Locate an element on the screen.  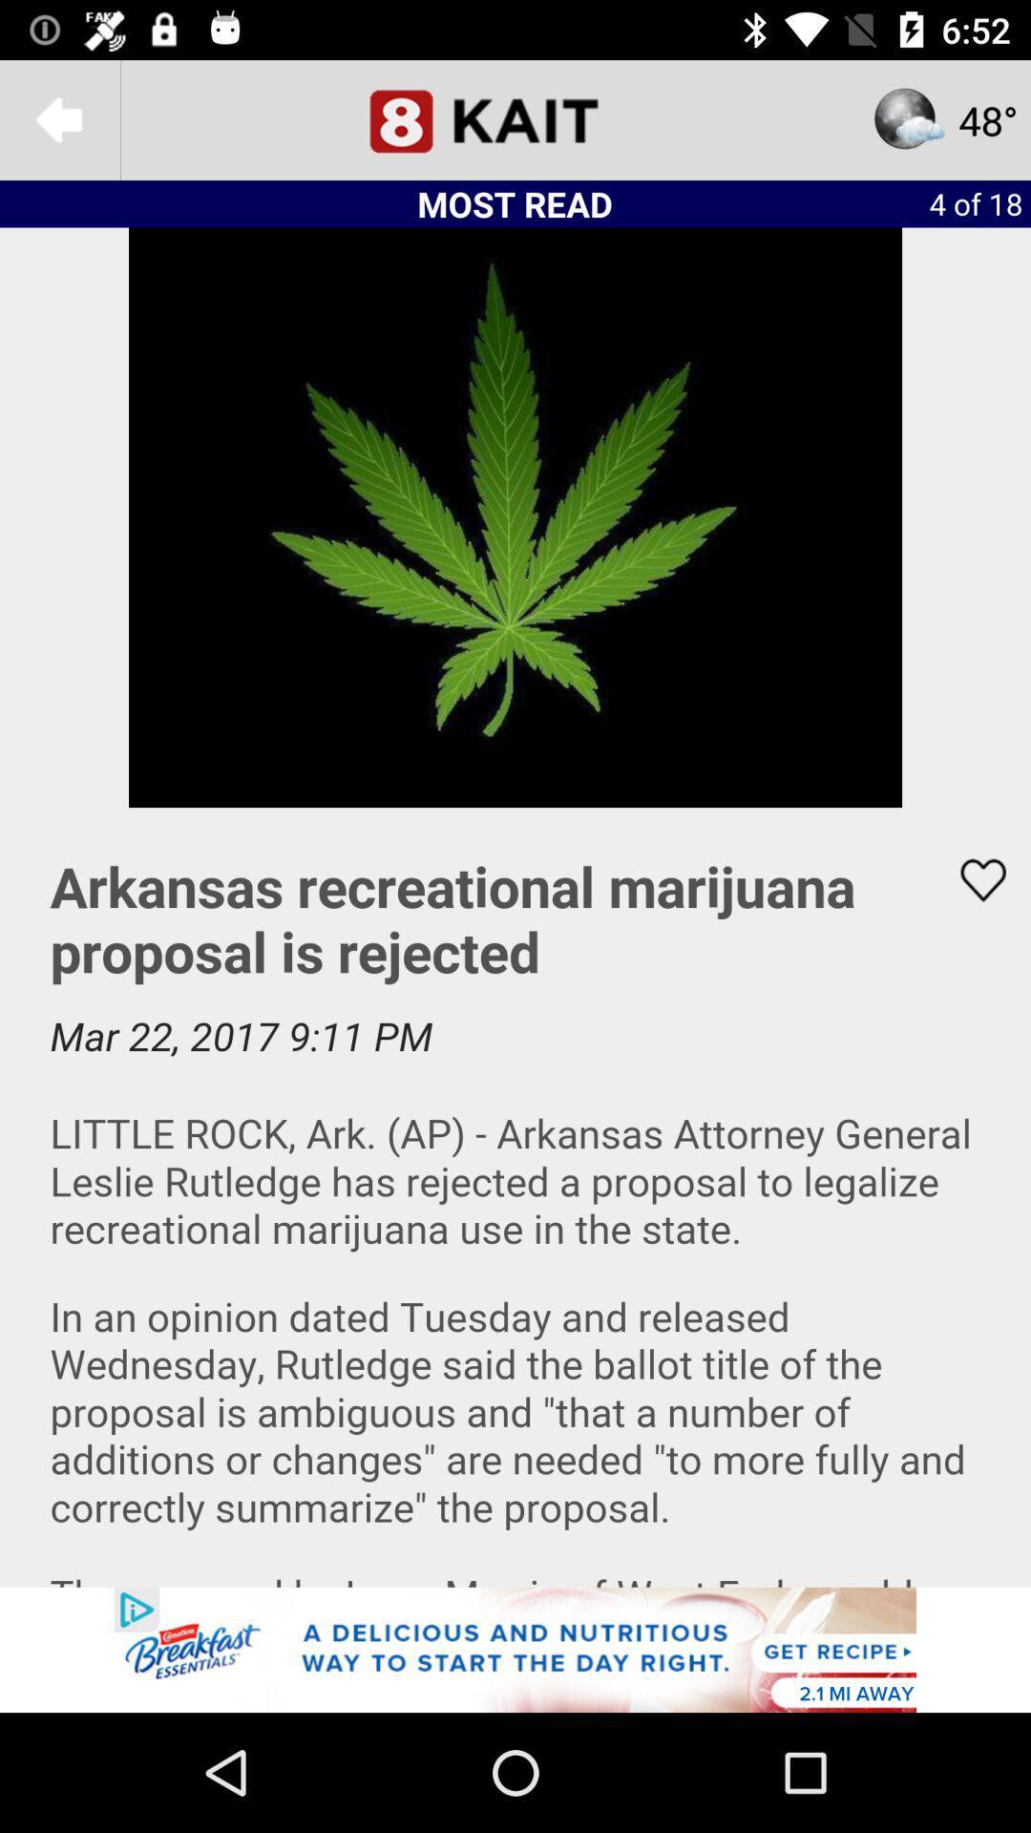
open advertisement is located at coordinates (515, 1649).